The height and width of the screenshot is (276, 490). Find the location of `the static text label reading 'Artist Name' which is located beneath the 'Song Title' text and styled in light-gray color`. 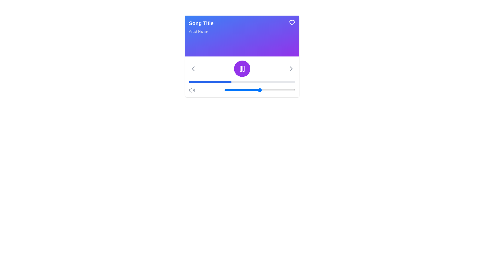

the static text label reading 'Artist Name' which is located beneath the 'Song Title' text and styled in light-gray color is located at coordinates (198, 31).